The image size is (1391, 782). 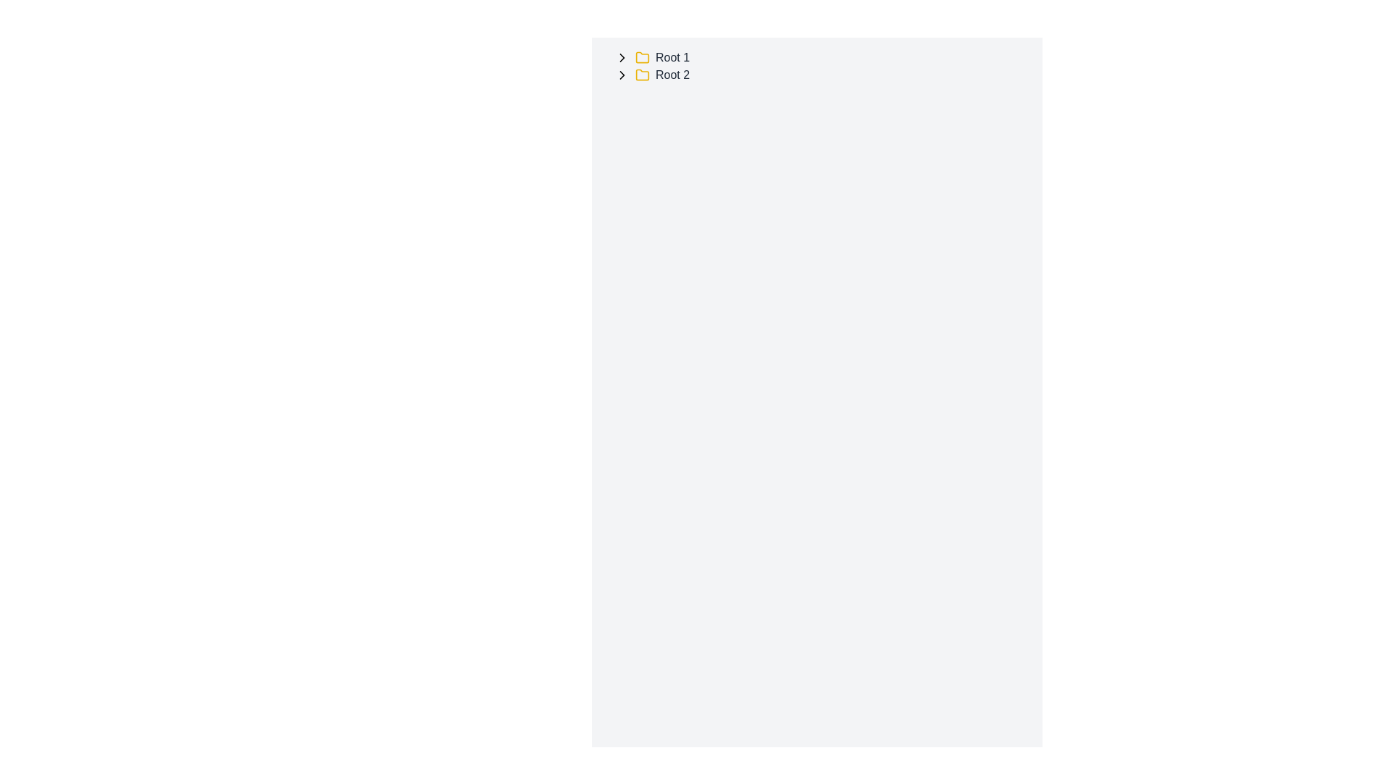 What do you see at coordinates (642, 57) in the screenshot?
I see `the visual state of the yellow folder icon styled with a lined design, located immediately to the left of the text 'Root 1'` at bounding box center [642, 57].